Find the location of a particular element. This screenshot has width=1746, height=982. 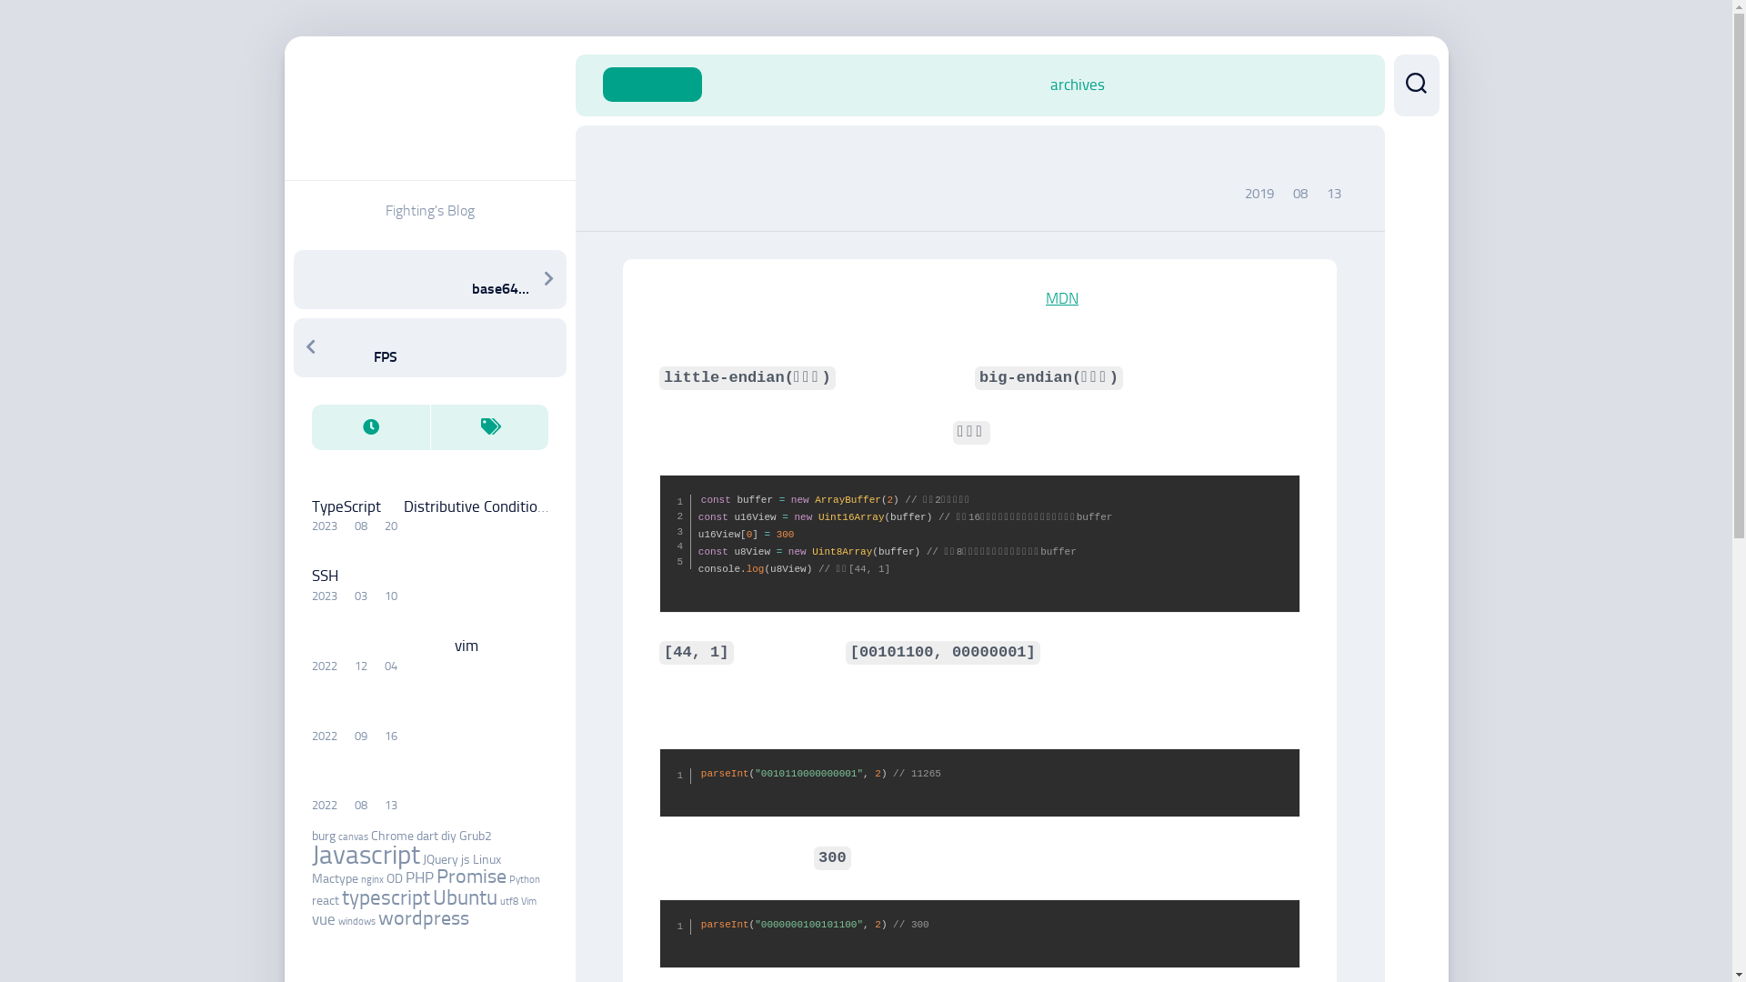

'windows' is located at coordinates (356, 921).